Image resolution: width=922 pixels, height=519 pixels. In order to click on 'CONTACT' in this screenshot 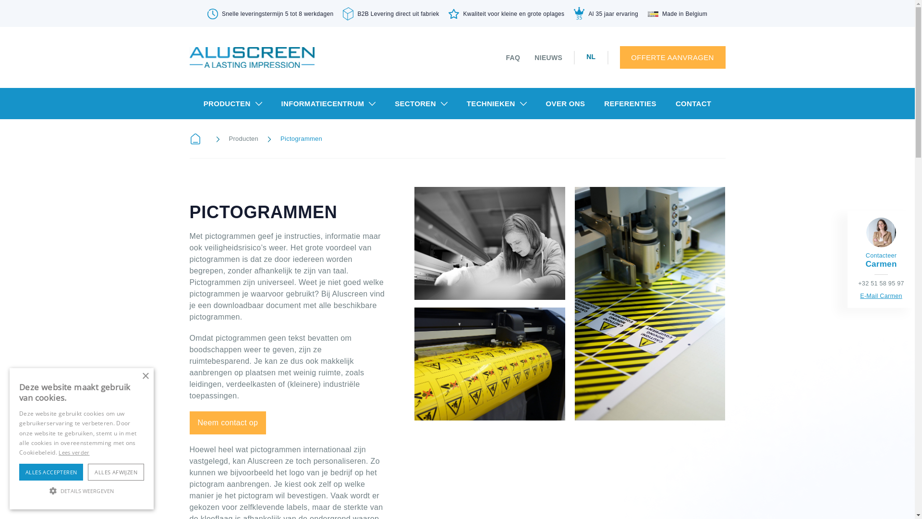, I will do `click(693, 103)`.